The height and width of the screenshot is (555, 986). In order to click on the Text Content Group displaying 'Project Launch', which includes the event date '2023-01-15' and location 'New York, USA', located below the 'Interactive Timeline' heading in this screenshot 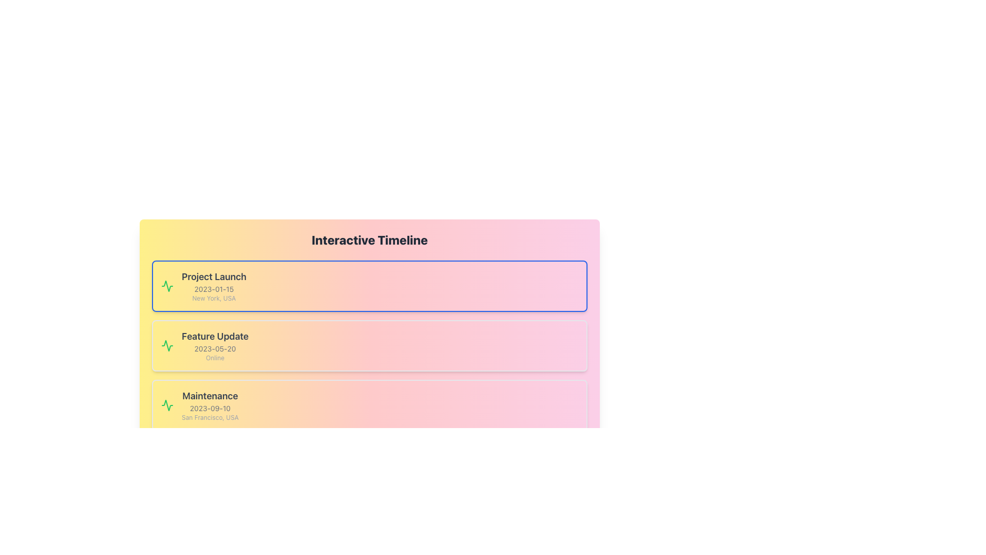, I will do `click(214, 286)`.